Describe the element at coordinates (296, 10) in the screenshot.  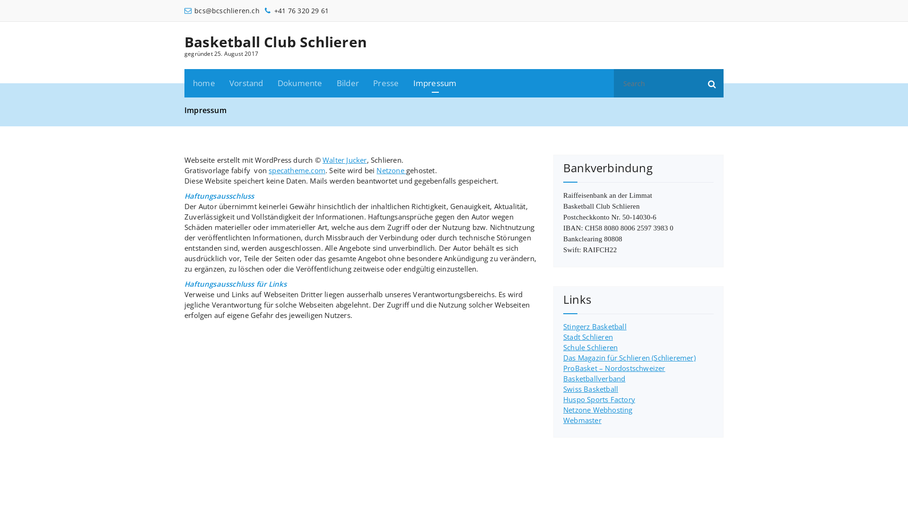
I see `'+41 76 320 29 61'` at that location.